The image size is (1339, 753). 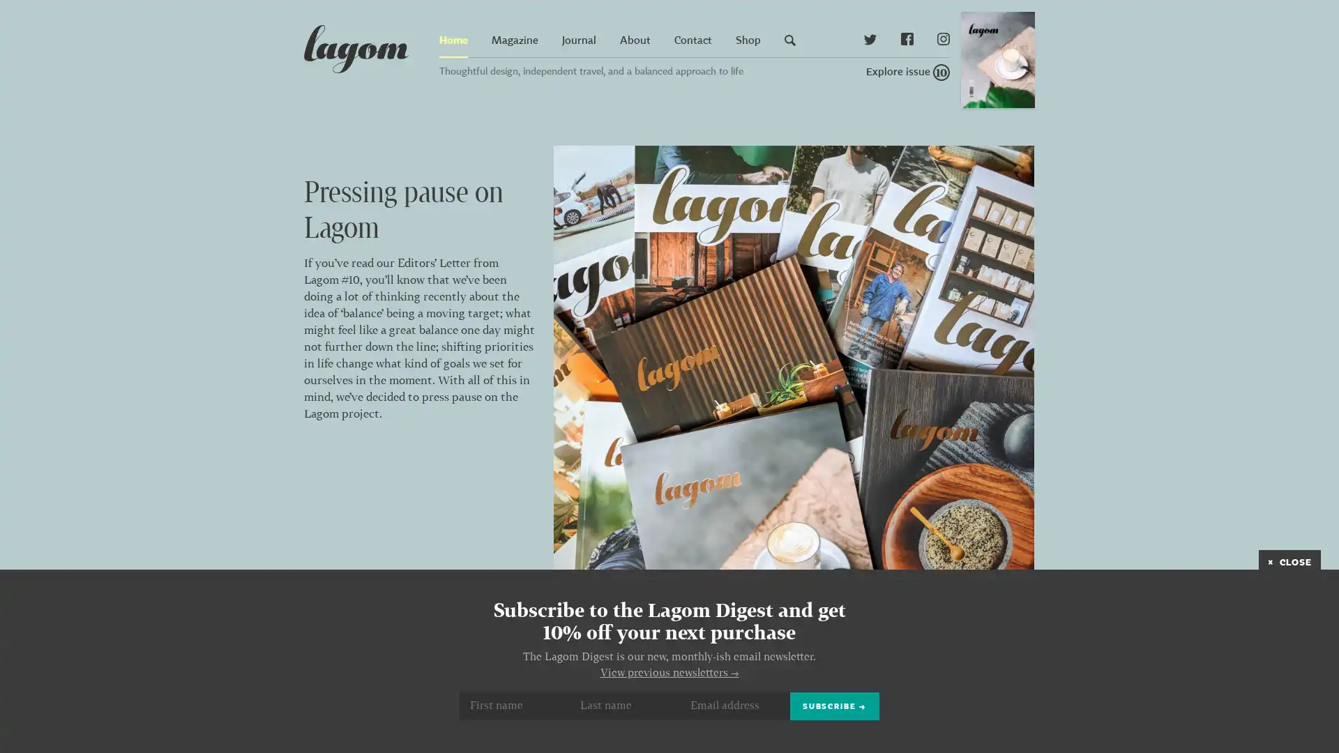 What do you see at coordinates (1090, 55) in the screenshot?
I see `Go` at bounding box center [1090, 55].